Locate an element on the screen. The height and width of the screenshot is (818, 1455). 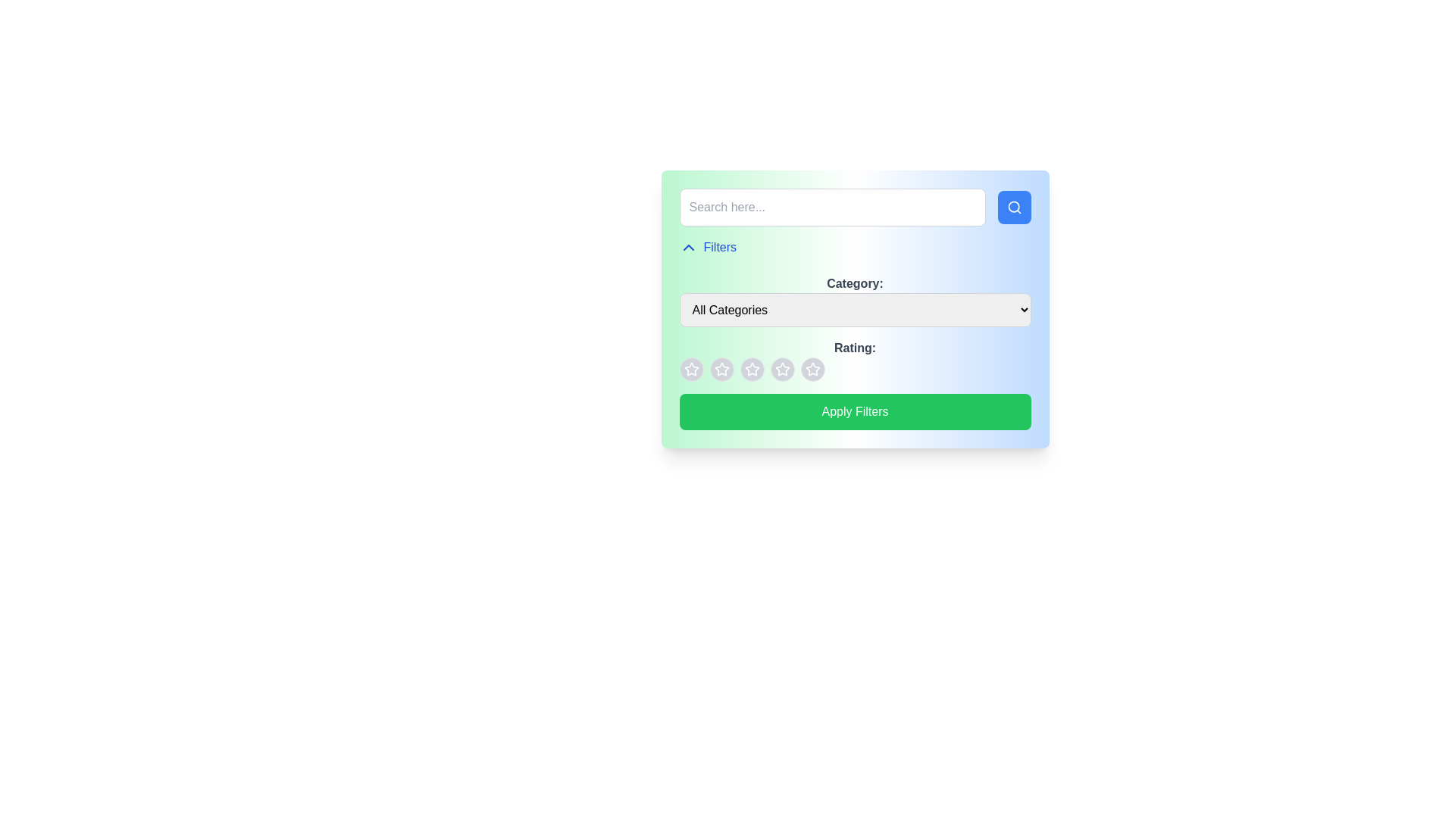
the fourth star icon in the rating widget to set a rating is located at coordinates (812, 369).